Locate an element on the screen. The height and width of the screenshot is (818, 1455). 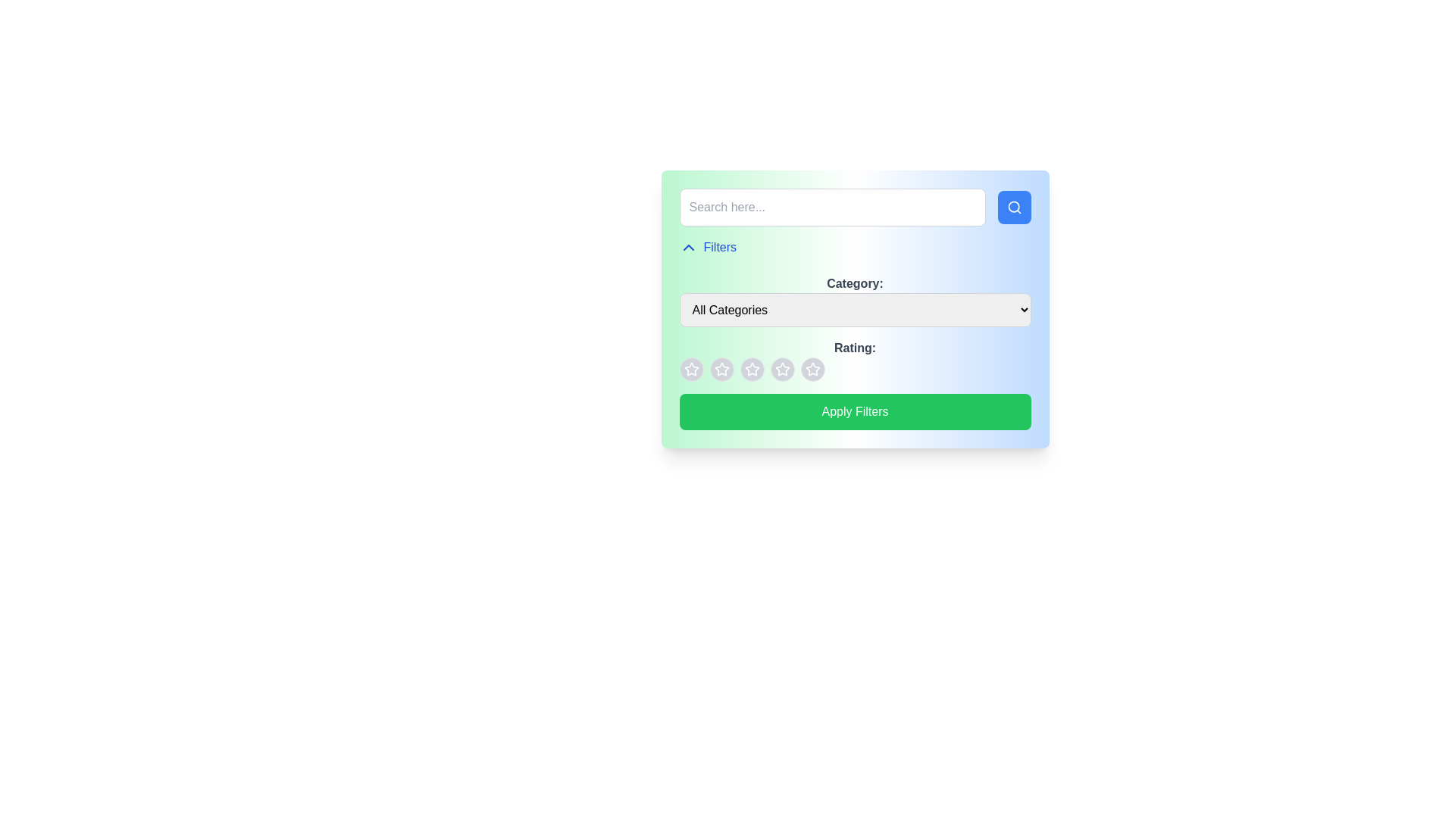
the fourth star icon in the rating widget to set a rating is located at coordinates (812, 369).